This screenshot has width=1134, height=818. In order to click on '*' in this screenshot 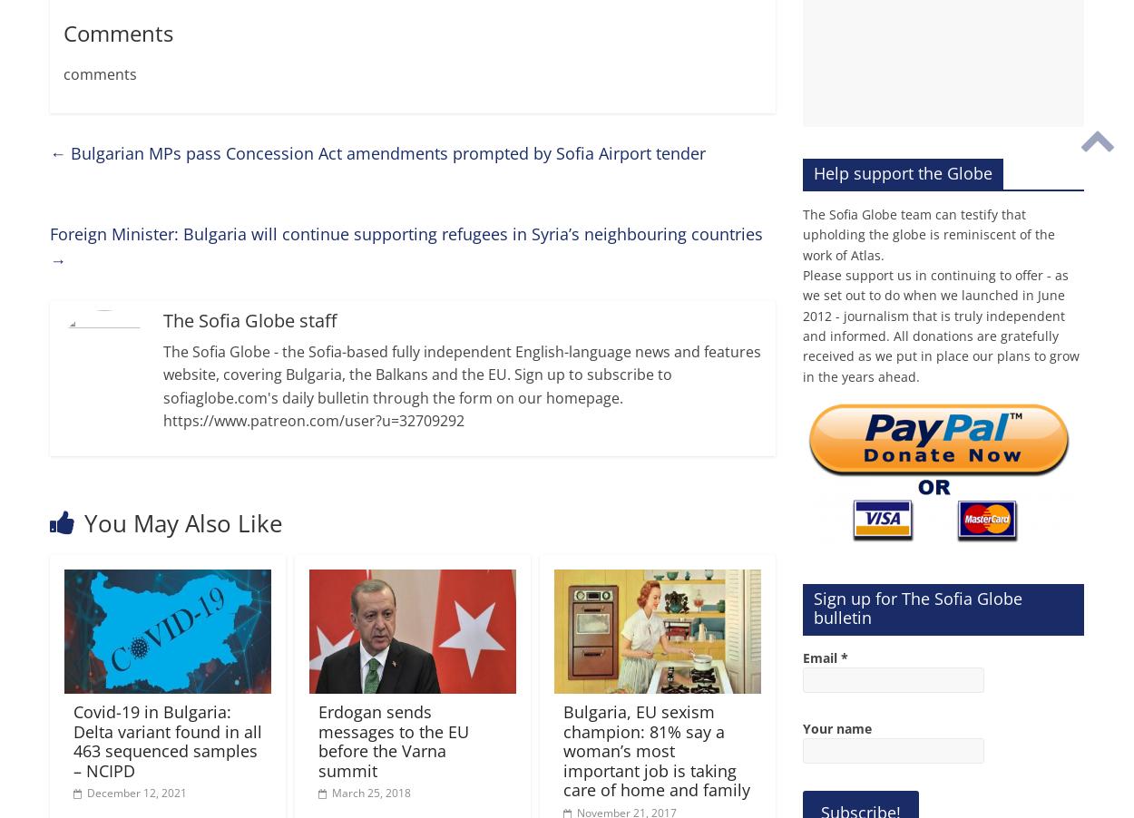, I will do `click(845, 657)`.